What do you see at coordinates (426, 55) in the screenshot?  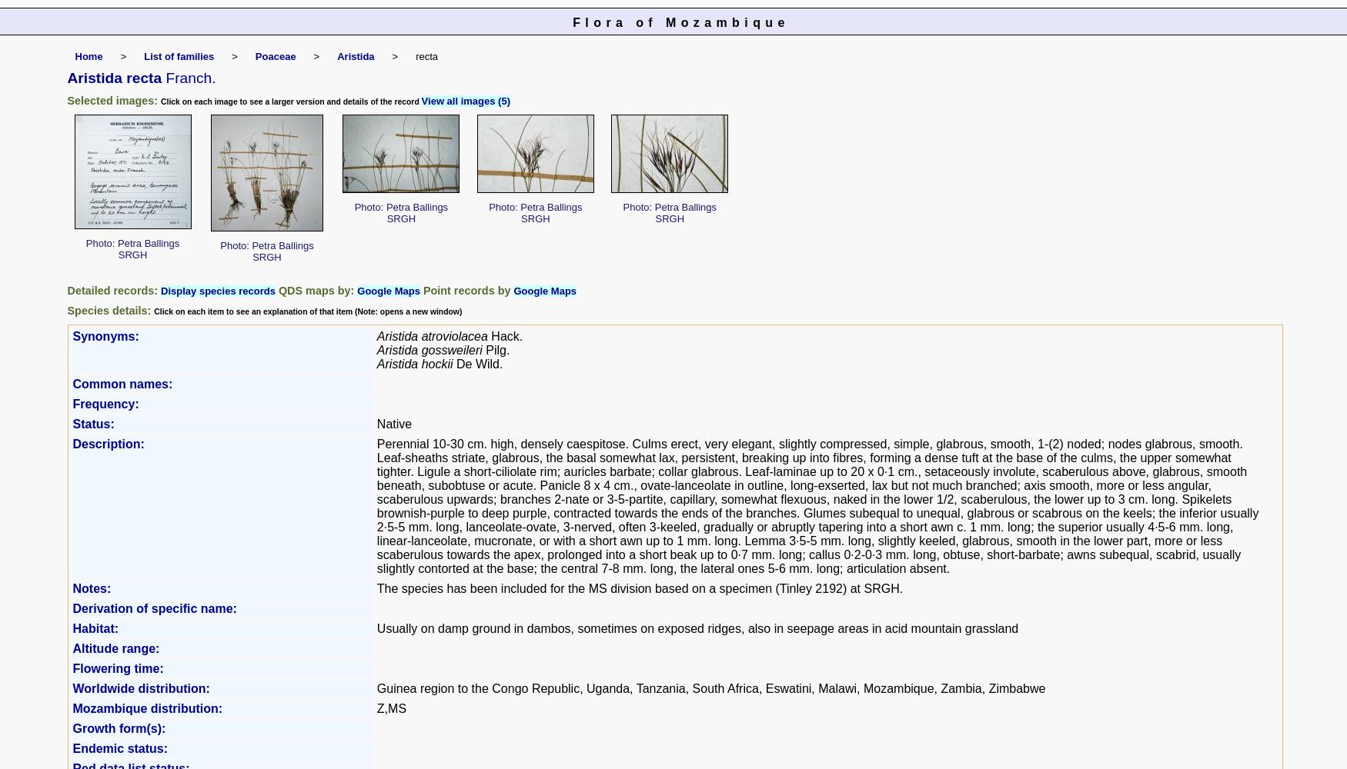 I see `'recta'` at bounding box center [426, 55].